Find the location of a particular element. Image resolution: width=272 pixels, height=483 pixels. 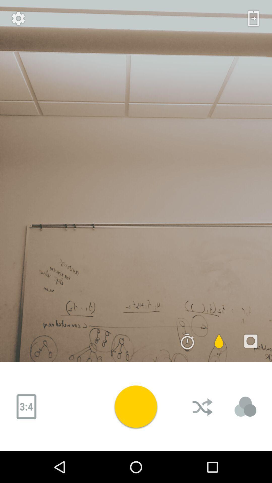

capture is located at coordinates (135, 407).